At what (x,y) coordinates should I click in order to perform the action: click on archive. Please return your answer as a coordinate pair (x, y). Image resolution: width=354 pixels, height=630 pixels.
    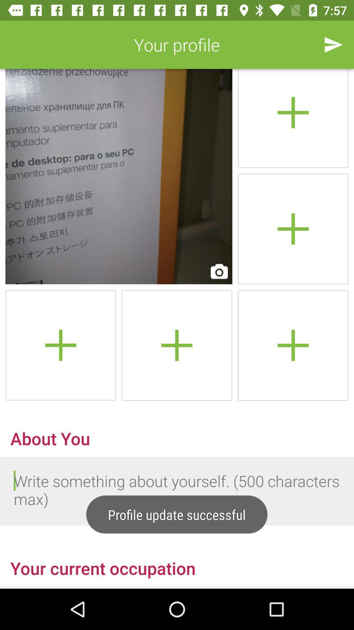
    Looking at the image, I should click on (293, 118).